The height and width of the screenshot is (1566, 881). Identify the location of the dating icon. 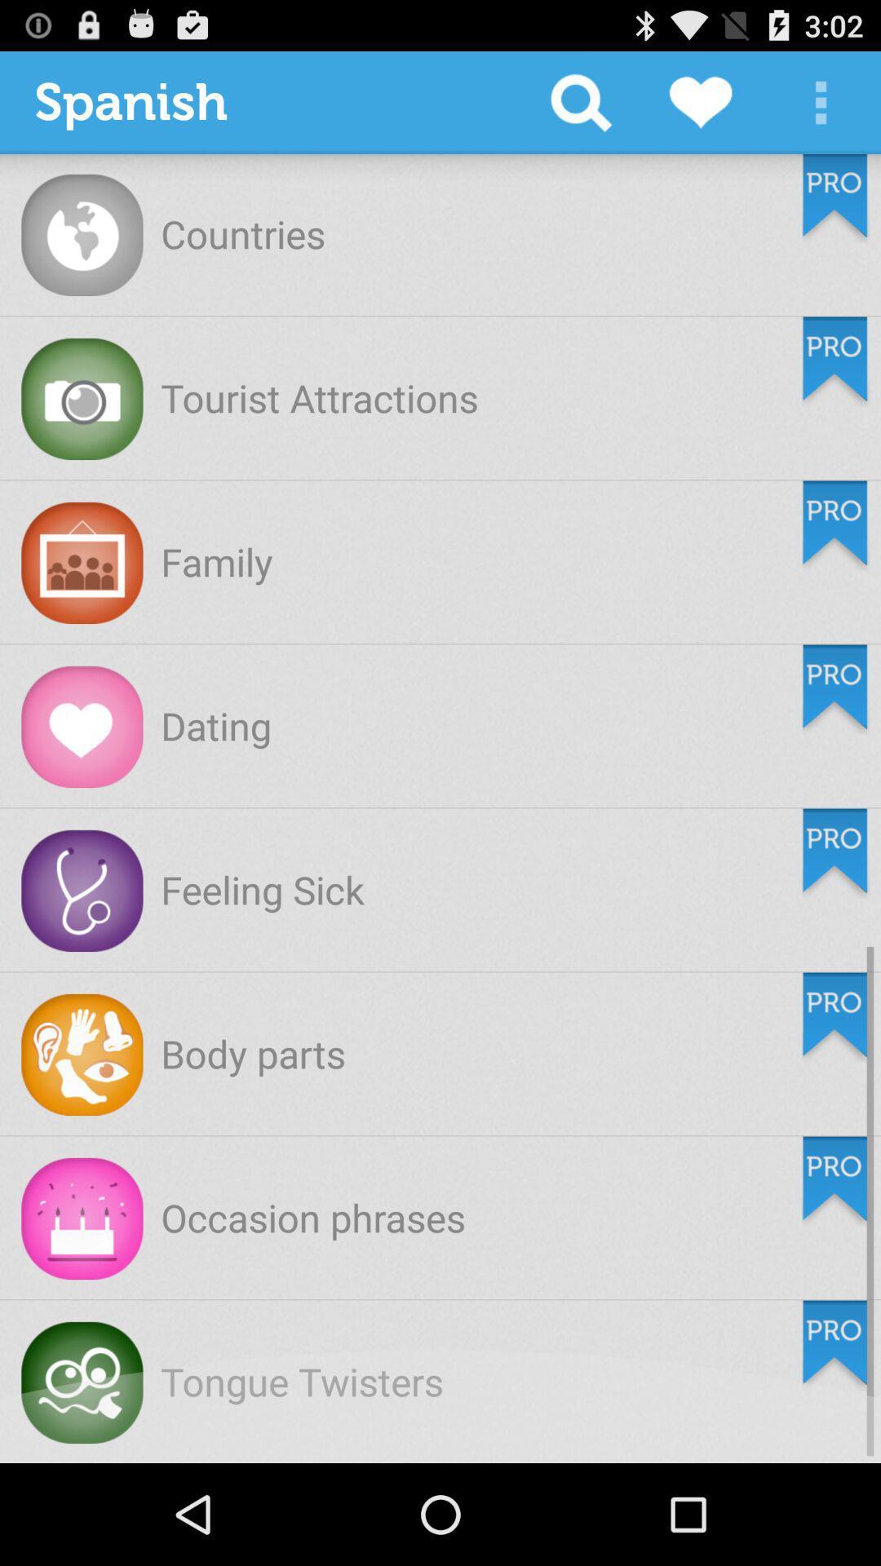
(215, 724).